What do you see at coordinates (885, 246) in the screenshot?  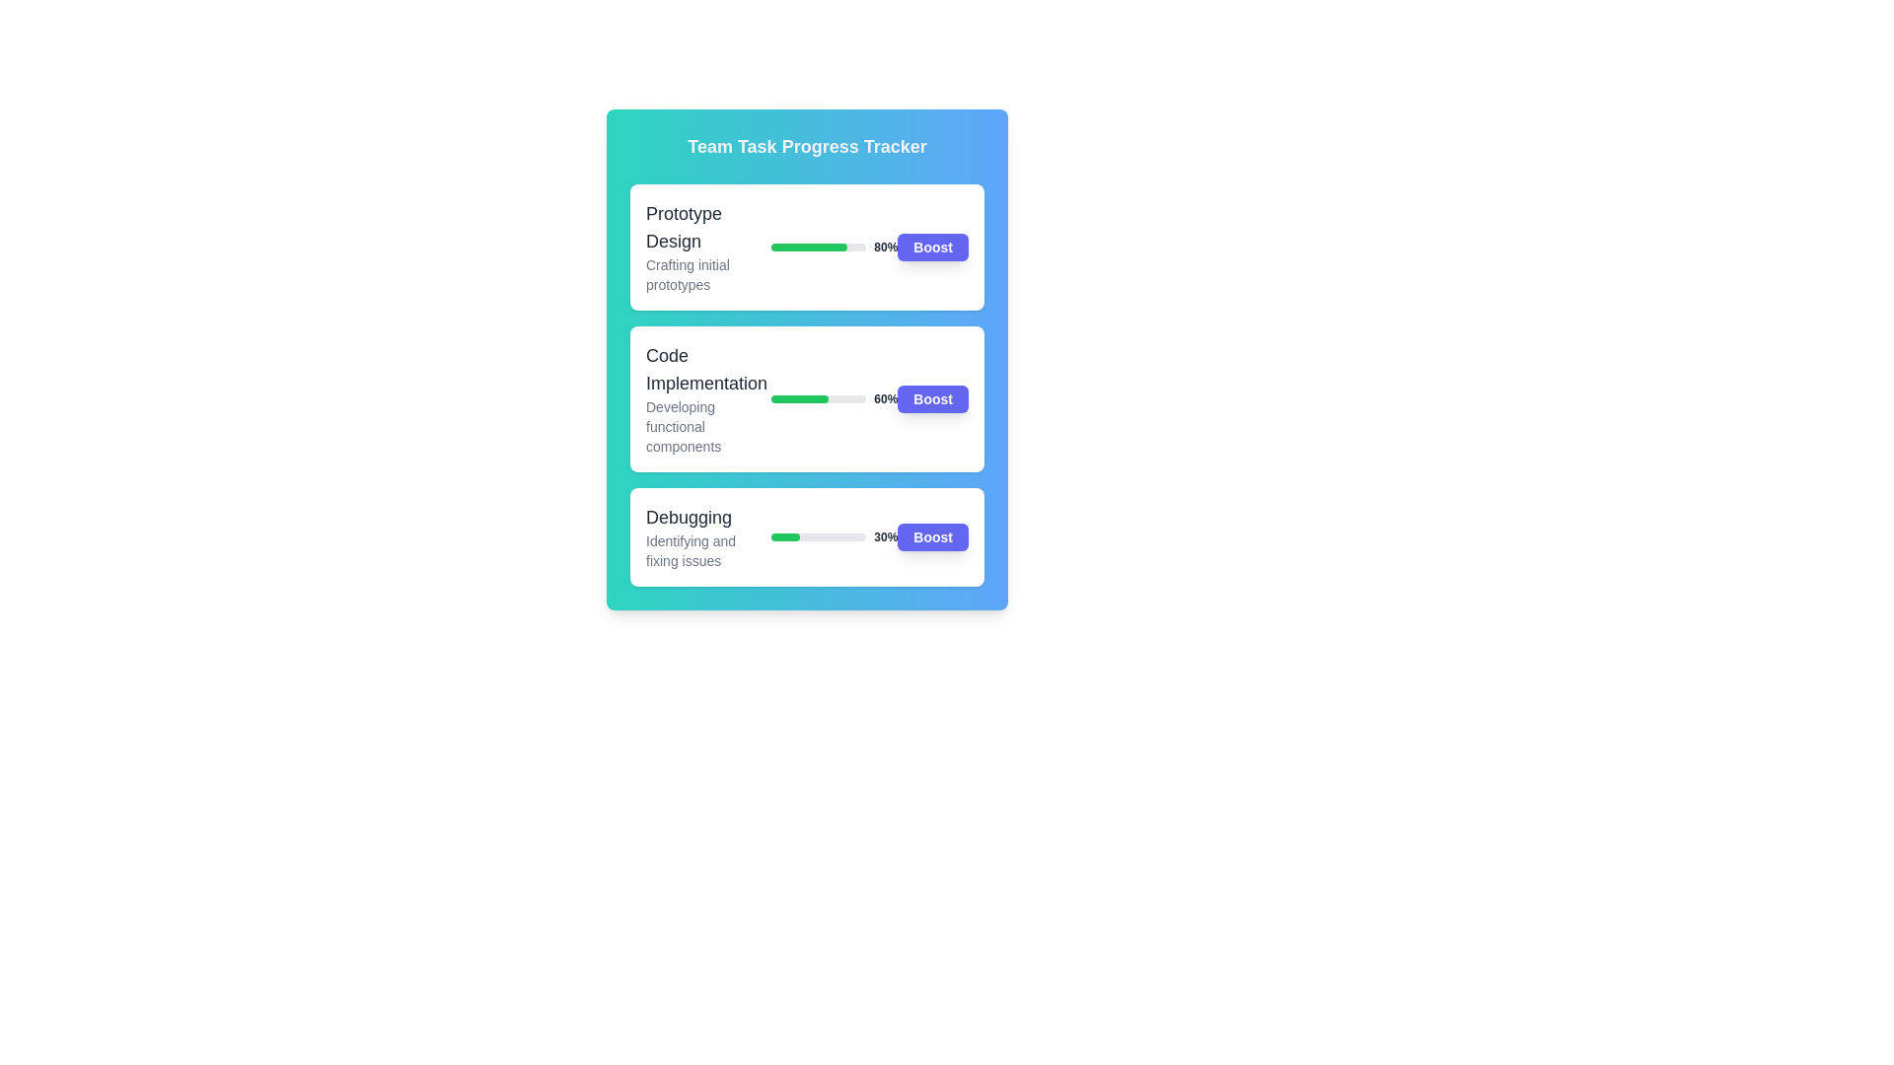 I see `text displayed in the progress percentage Text Label for the 'Prototype Design' task, which is located at the end of the progress bar and just before the 'Boost' button` at bounding box center [885, 246].